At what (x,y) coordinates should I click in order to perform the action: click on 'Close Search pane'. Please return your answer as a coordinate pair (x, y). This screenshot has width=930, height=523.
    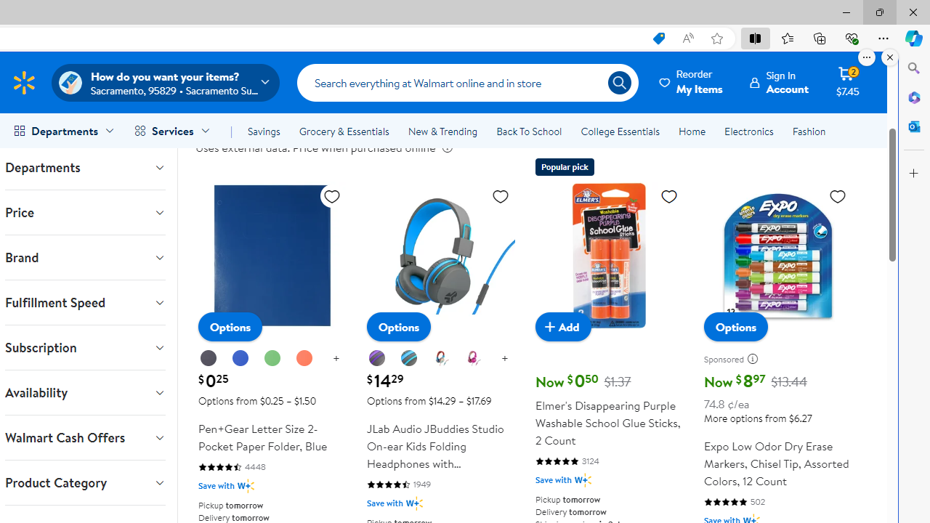
    Looking at the image, I should click on (913, 68).